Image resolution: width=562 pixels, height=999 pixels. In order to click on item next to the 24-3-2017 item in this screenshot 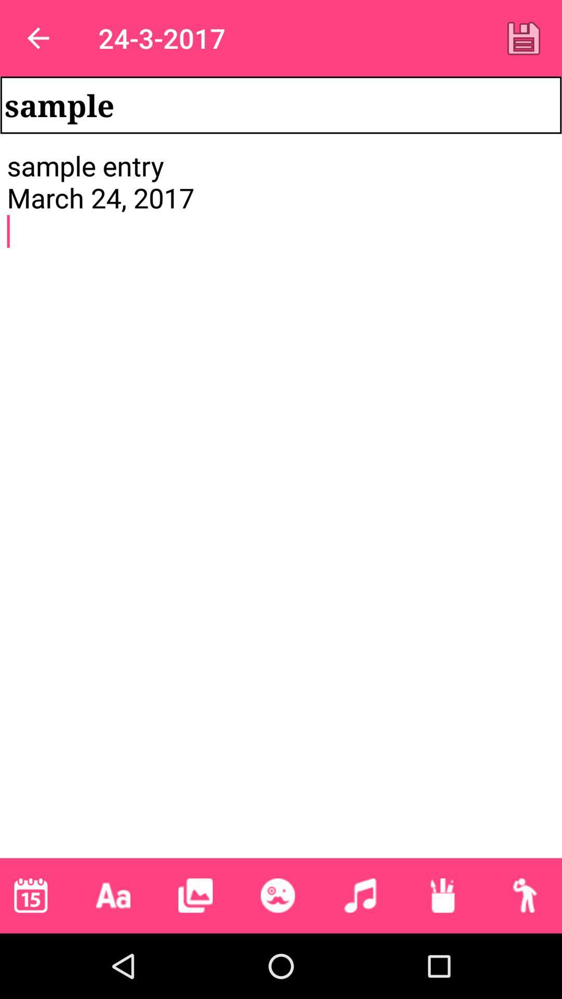, I will do `click(37, 38)`.